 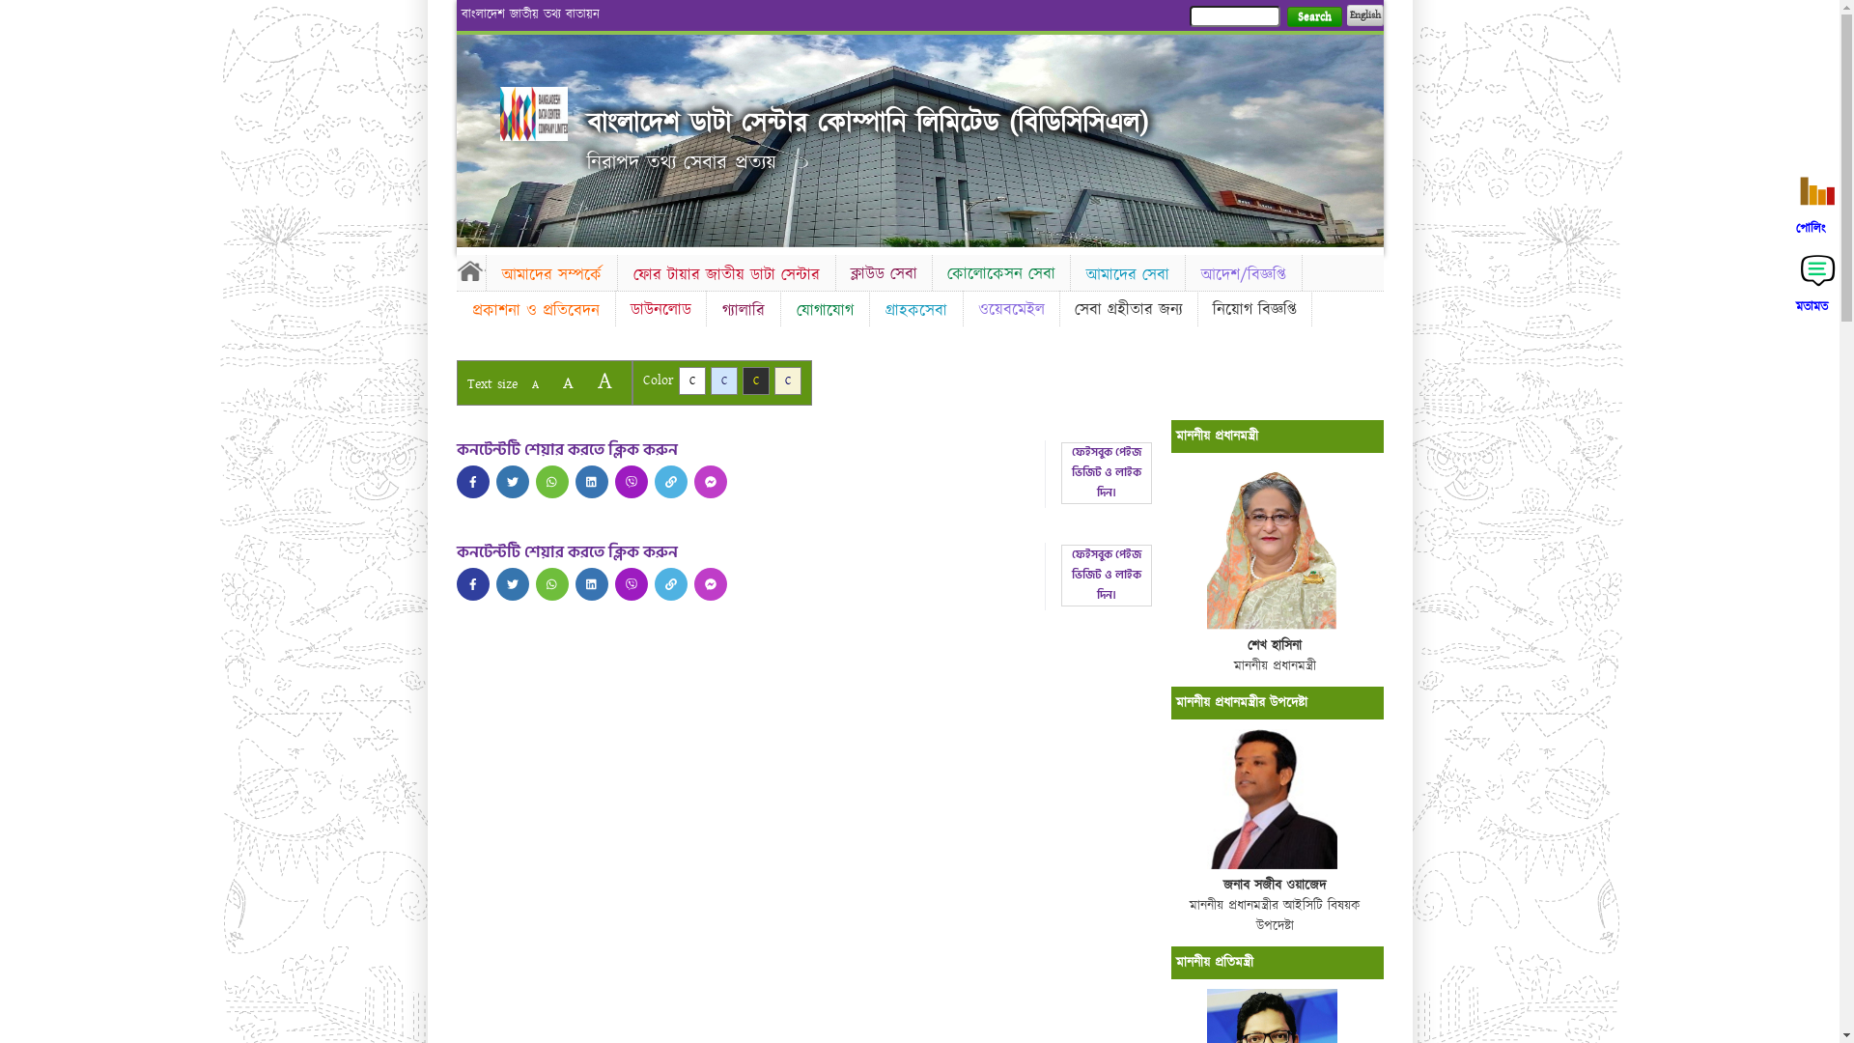 I want to click on 'C', so click(x=722, y=381).